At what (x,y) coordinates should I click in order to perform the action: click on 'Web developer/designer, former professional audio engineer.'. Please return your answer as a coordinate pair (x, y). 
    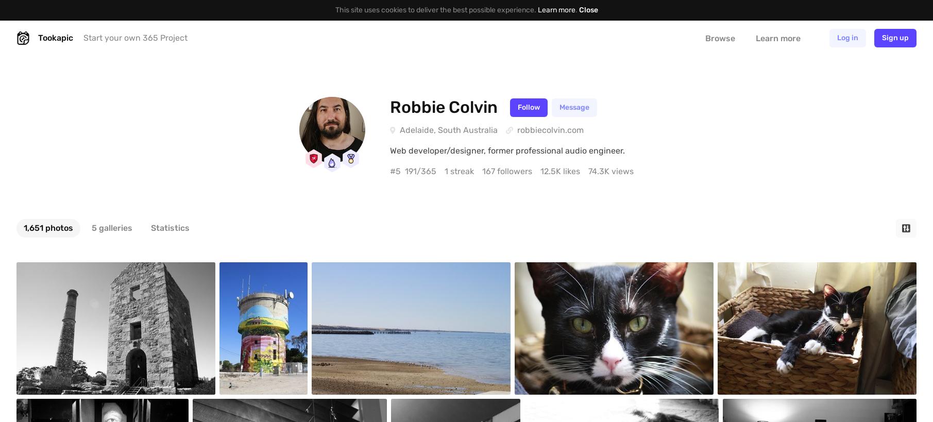
    Looking at the image, I should click on (507, 150).